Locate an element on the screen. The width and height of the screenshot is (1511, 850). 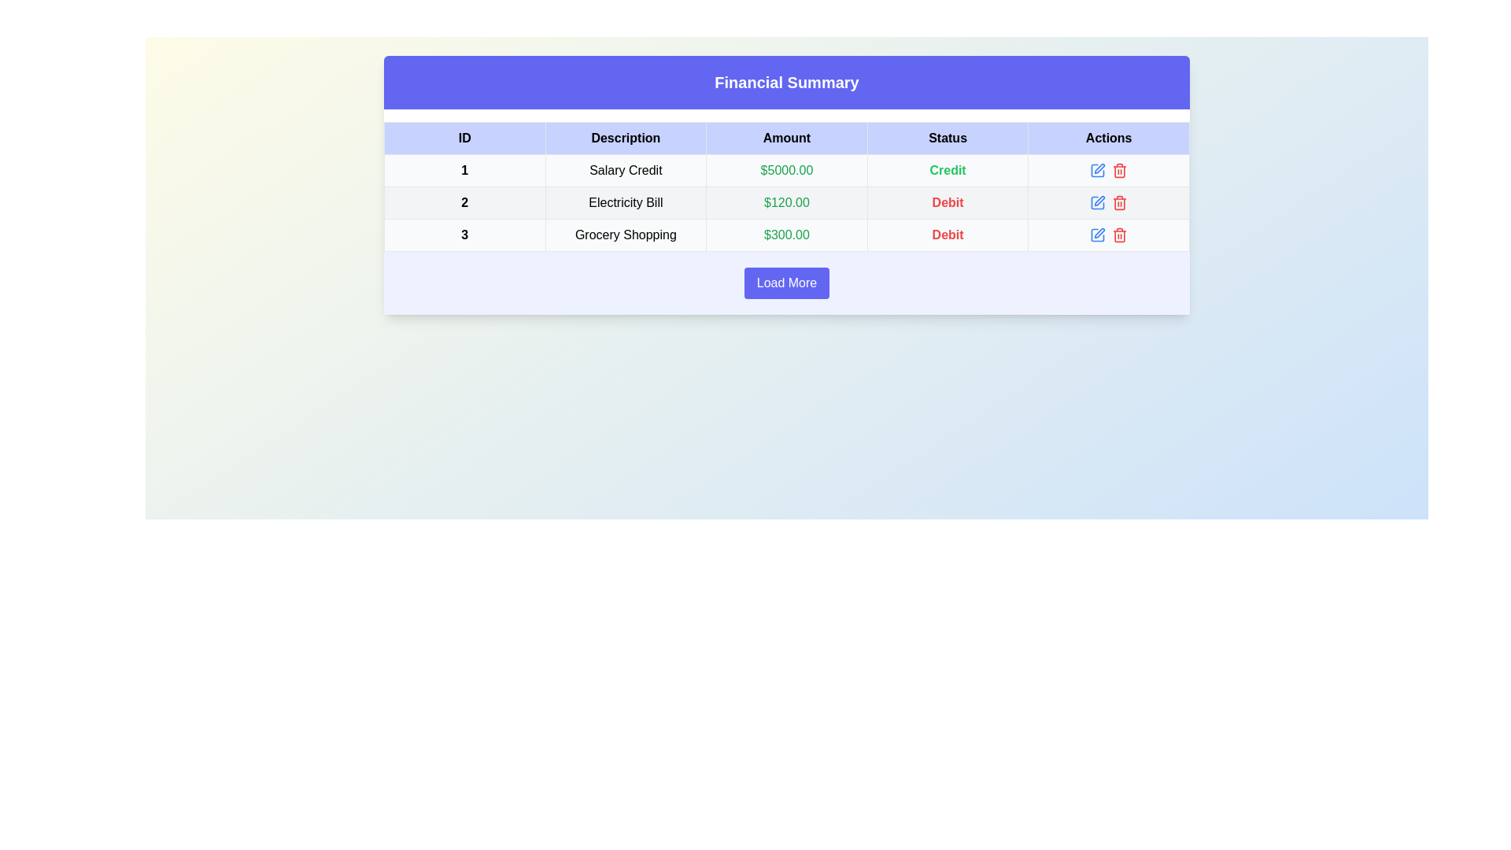
the 'Grocery Shopping' text label located in the third row of the 'Financial Summary' table, under the 'Description' column is located at coordinates (625, 235).